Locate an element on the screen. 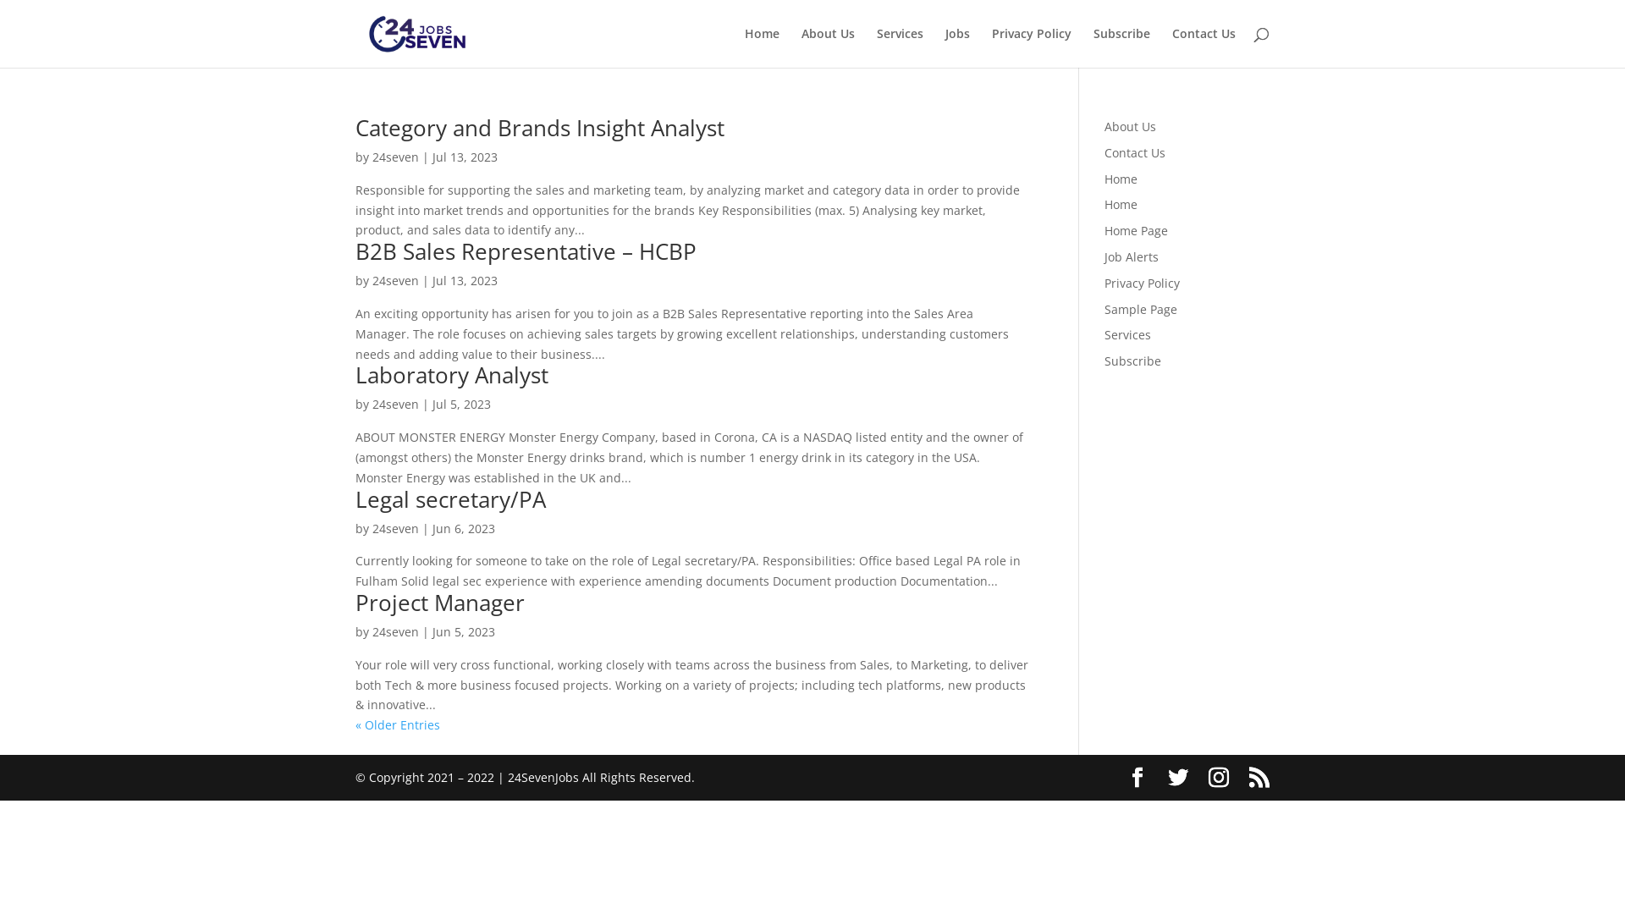 The height and width of the screenshot is (914, 1625). 'Laboratory Analyst' is located at coordinates (451, 374).